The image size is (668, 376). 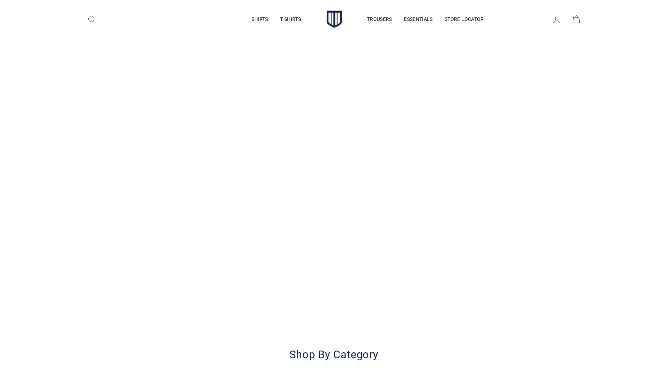 I want to click on 2, so click(x=334, y=337).